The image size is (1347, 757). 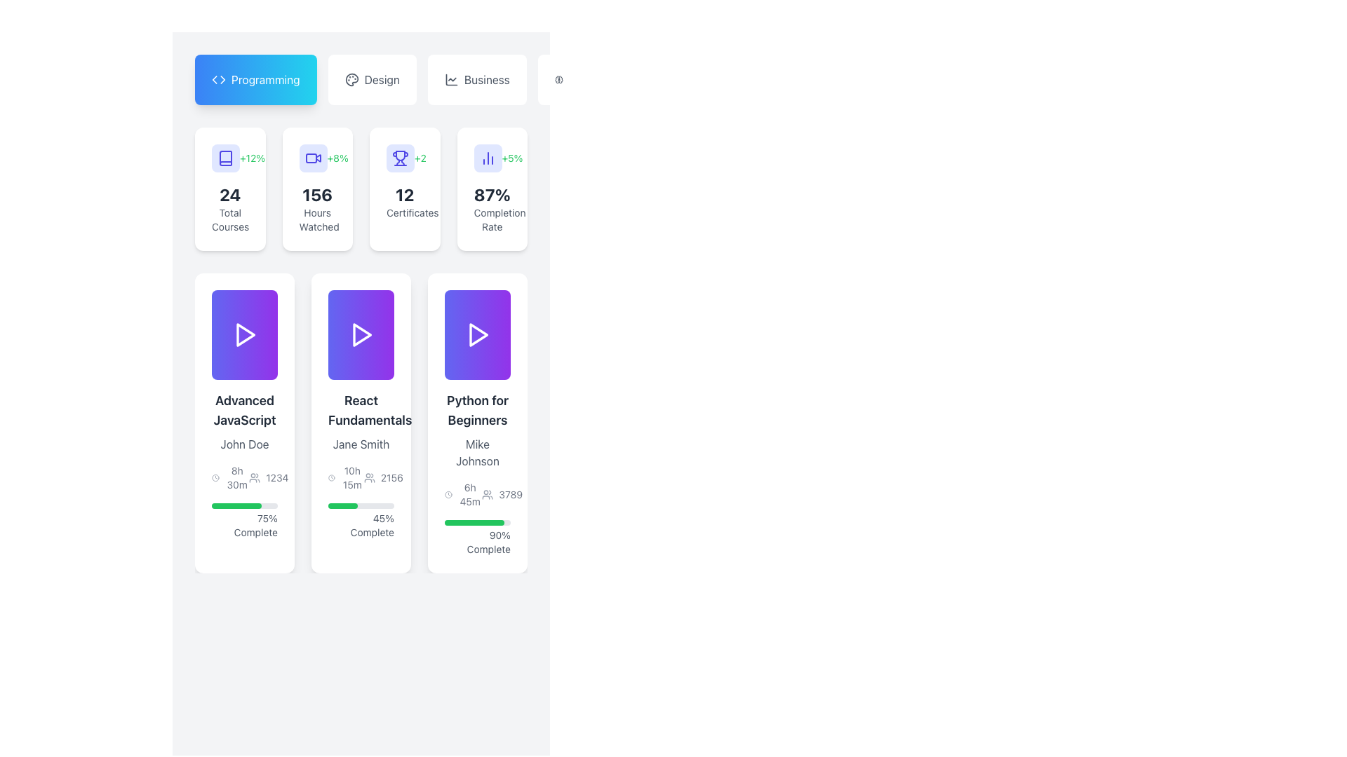 What do you see at coordinates (404, 213) in the screenshot?
I see `the text label displaying 'Certificates' which is located within a gray card structure, positioned below the number '12'` at bounding box center [404, 213].